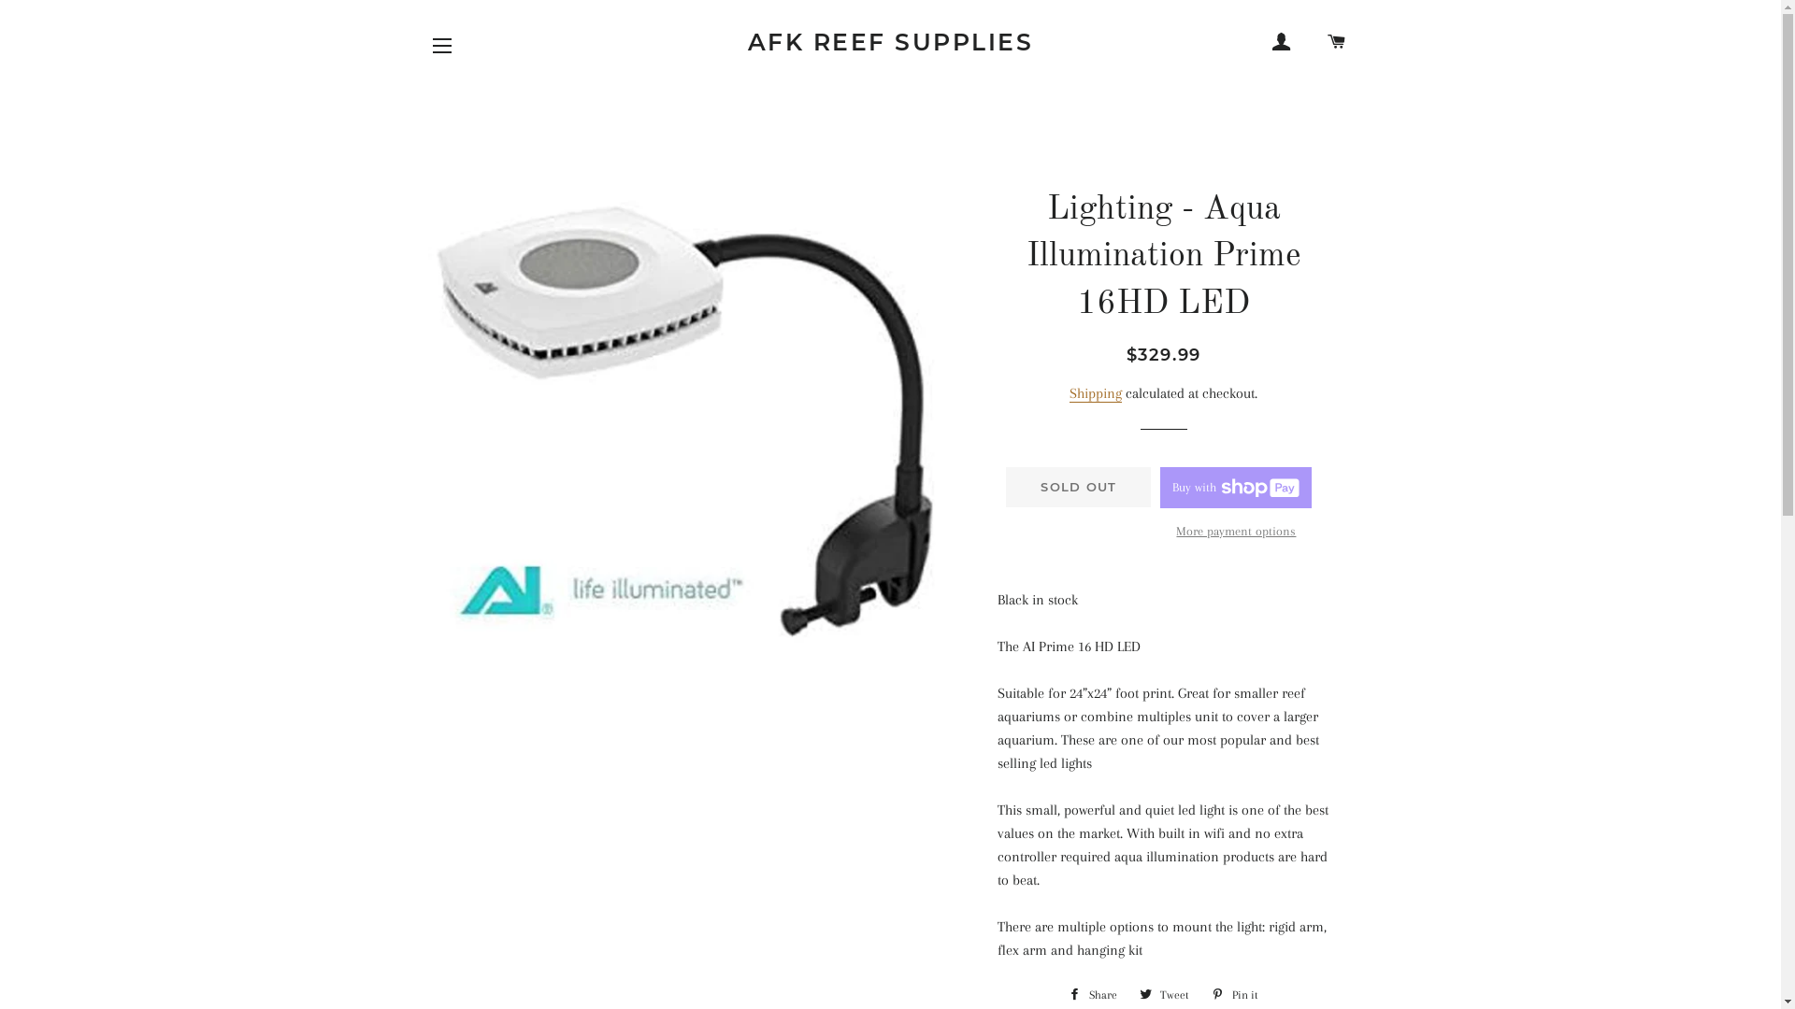  What do you see at coordinates (1235, 532) in the screenshot?
I see `'More payment options'` at bounding box center [1235, 532].